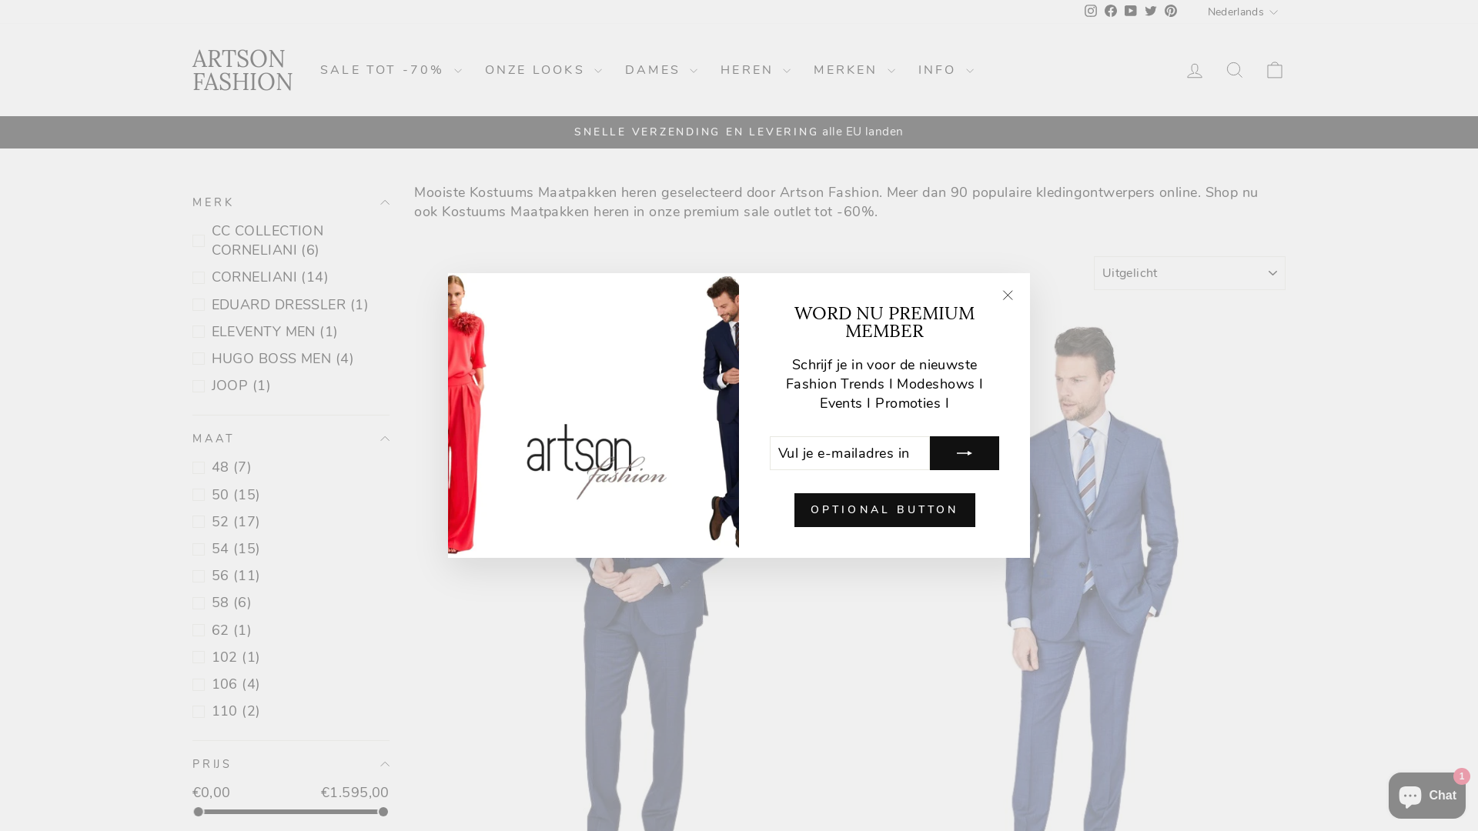 This screenshot has height=831, width=1478. Describe the element at coordinates (1426, 792) in the screenshot. I see `'Onlinewinkel-chat van Shopify'` at that location.